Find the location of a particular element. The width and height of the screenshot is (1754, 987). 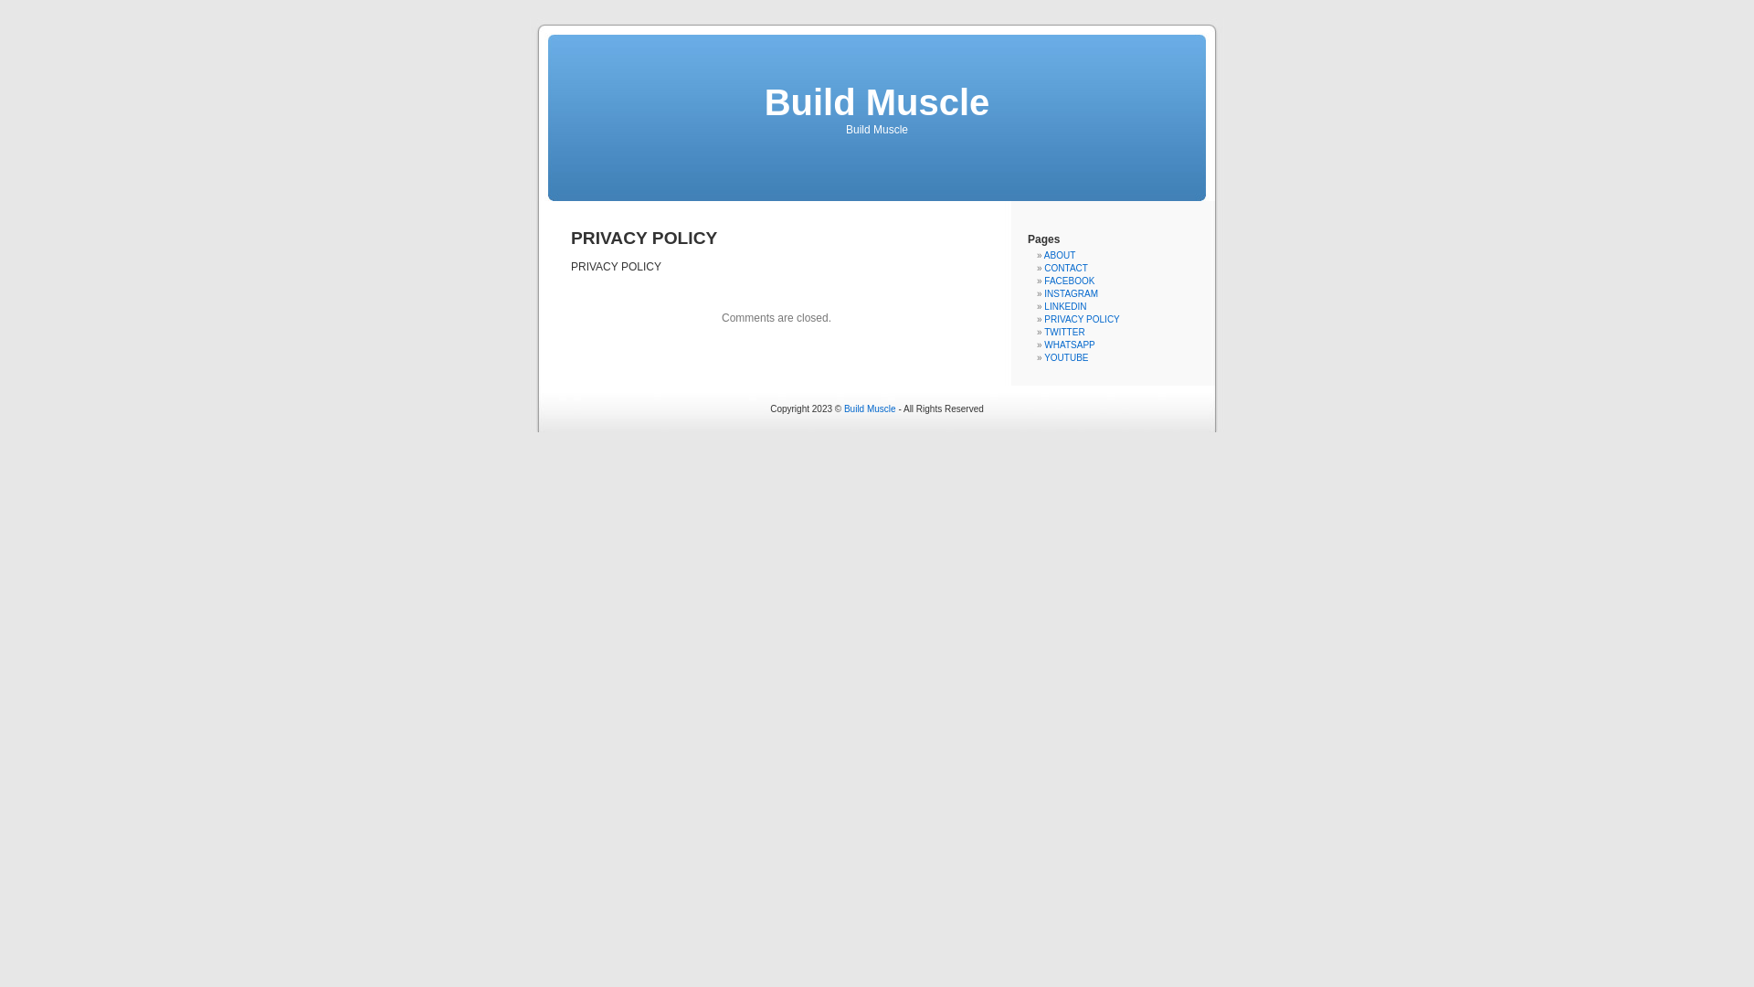

'YOUTUBE' is located at coordinates (1065, 357).